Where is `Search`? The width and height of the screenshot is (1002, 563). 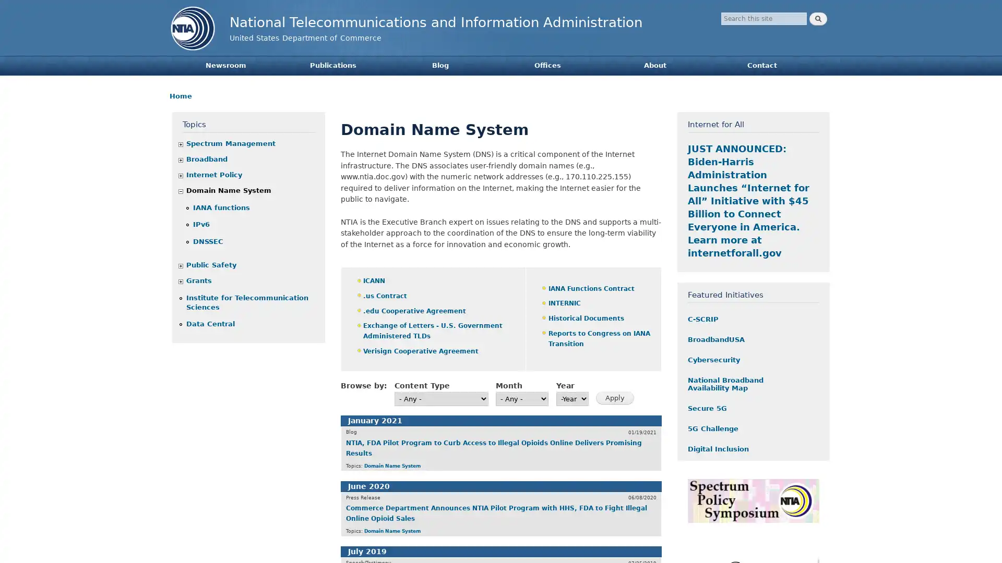
Search is located at coordinates (818, 19).